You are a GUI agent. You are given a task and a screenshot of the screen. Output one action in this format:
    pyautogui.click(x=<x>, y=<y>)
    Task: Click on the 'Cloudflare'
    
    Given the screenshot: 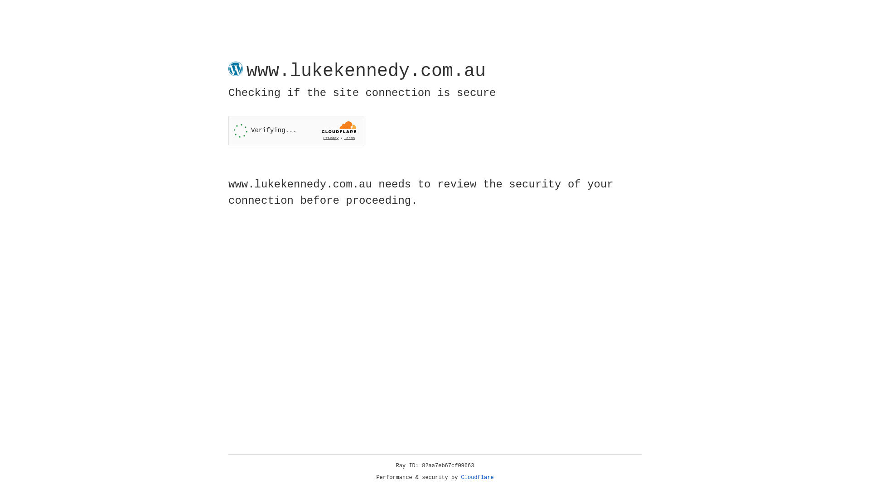 What is the action you would take?
    pyautogui.click(x=477, y=477)
    